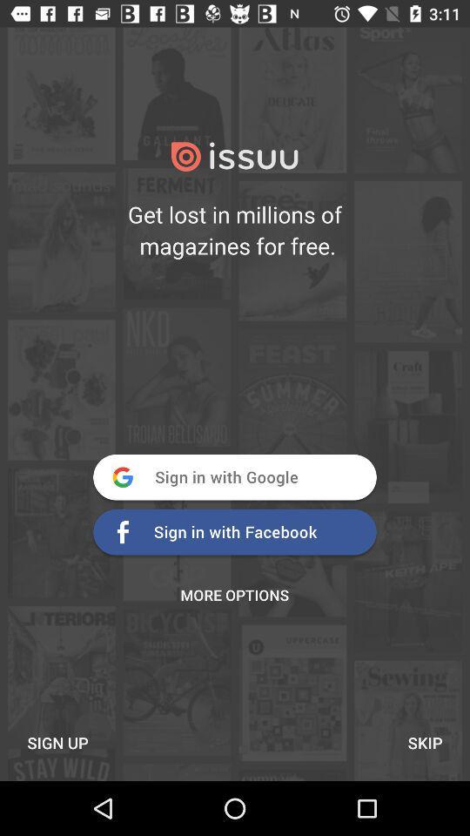 This screenshot has height=836, width=470. Describe the element at coordinates (424, 742) in the screenshot. I see `item to the right of the sign up item` at that location.